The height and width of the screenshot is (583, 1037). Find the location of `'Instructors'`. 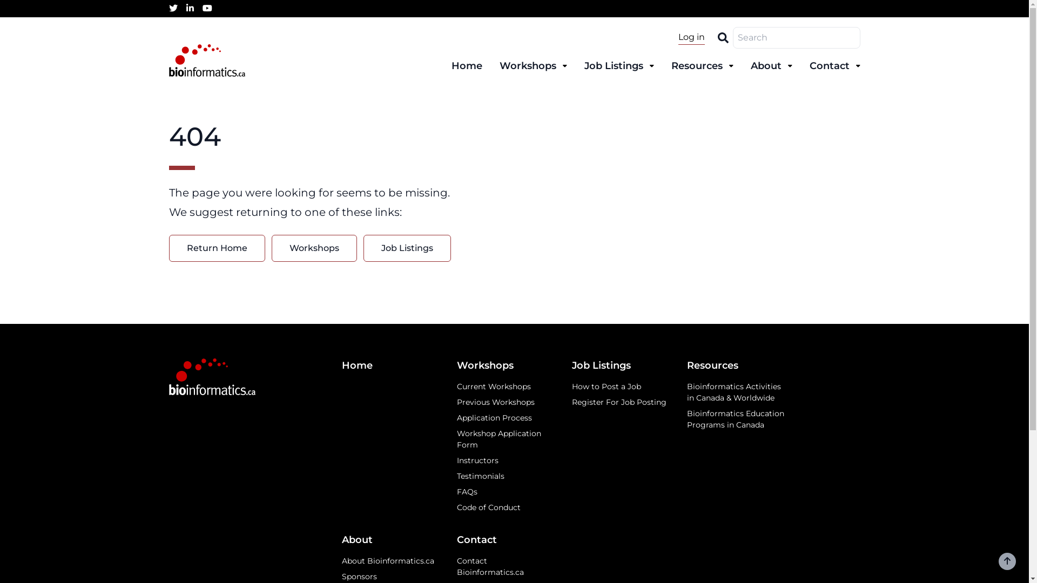

'Instructors' is located at coordinates (456, 460).